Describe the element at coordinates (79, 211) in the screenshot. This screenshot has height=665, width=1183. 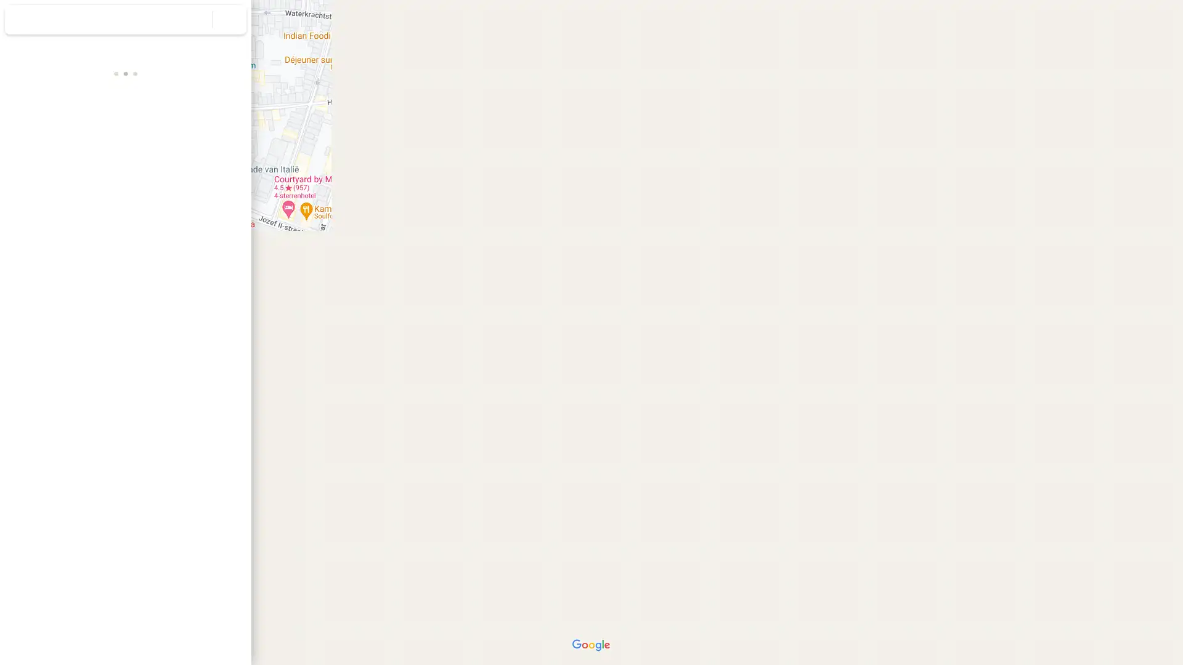
I see `Drukpersstraat 35 opslaan in je lijsten` at that location.